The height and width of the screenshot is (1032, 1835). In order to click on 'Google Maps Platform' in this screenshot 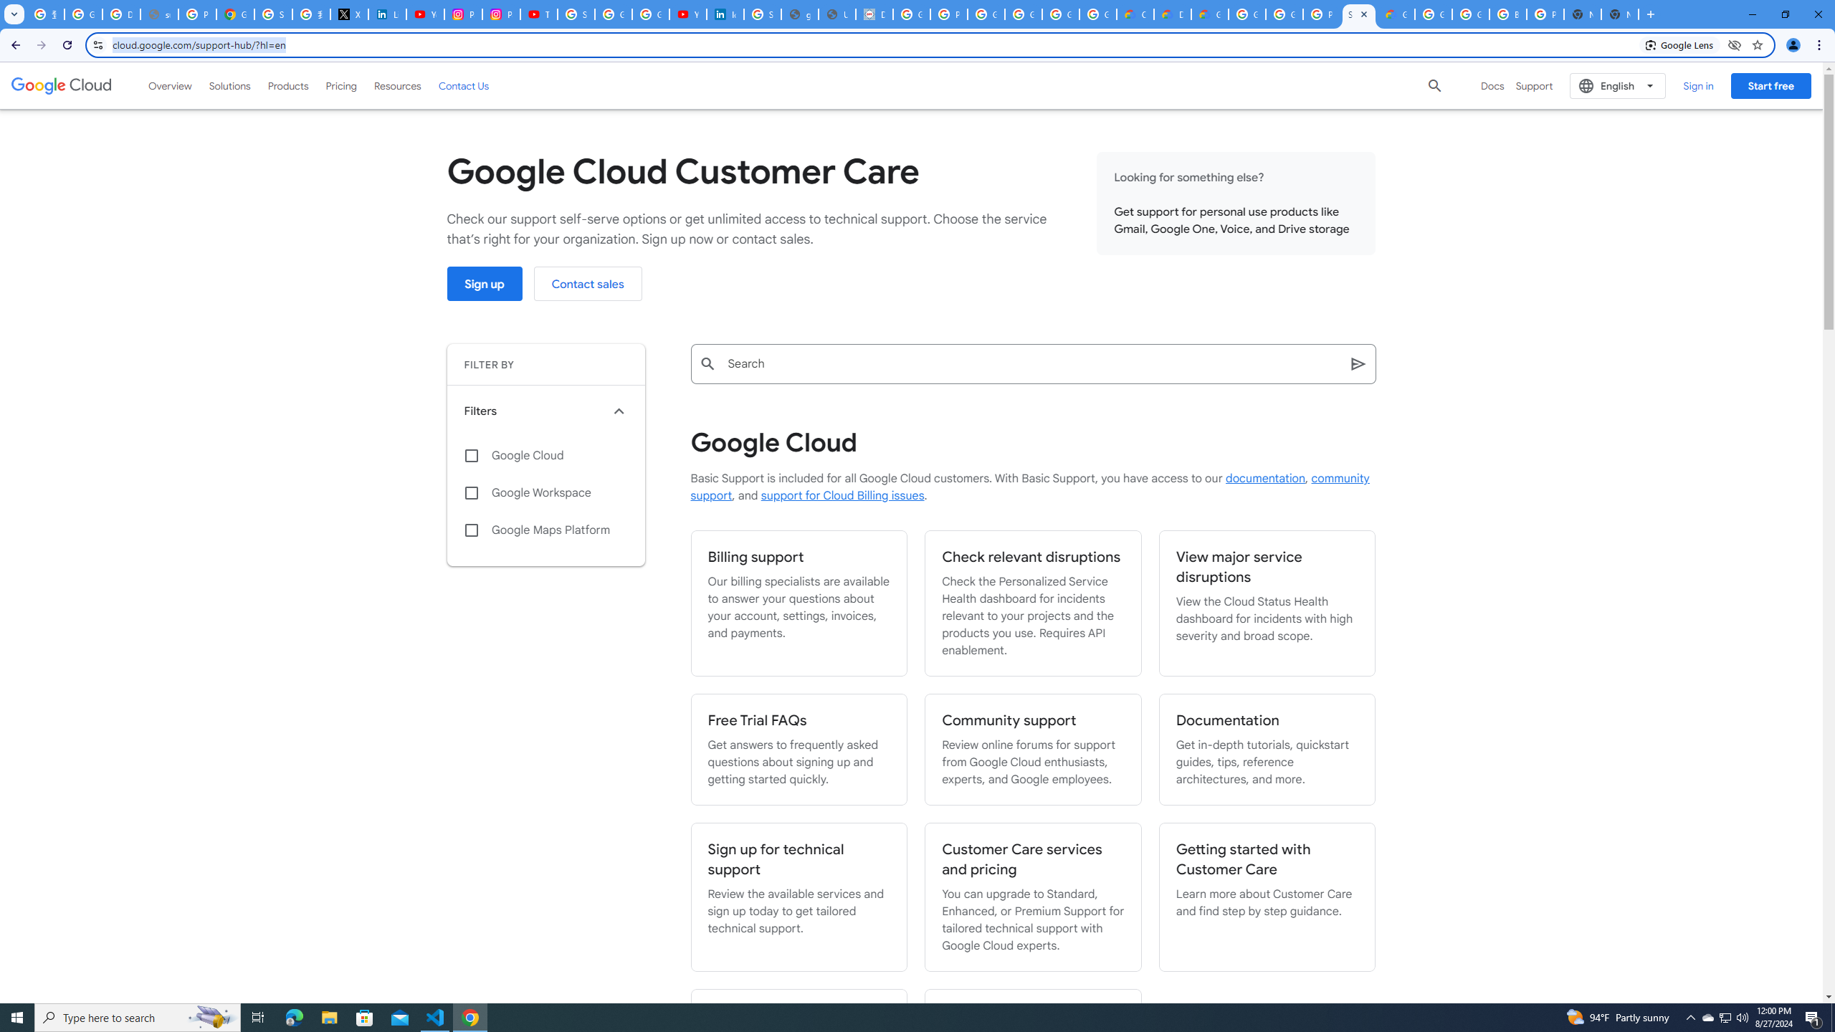, I will do `click(545, 530)`.